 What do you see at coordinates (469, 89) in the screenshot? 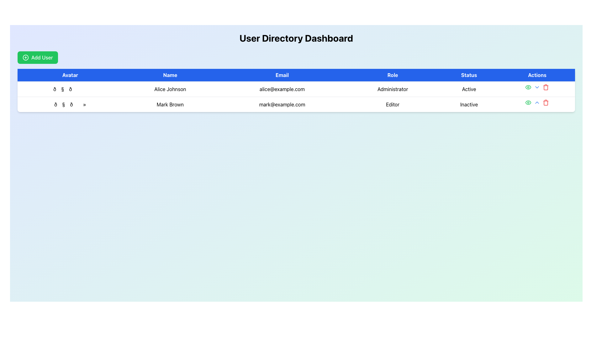
I see `the static text label indicating the status 'Active' for user 'Alice Johnson' in the directory table` at bounding box center [469, 89].